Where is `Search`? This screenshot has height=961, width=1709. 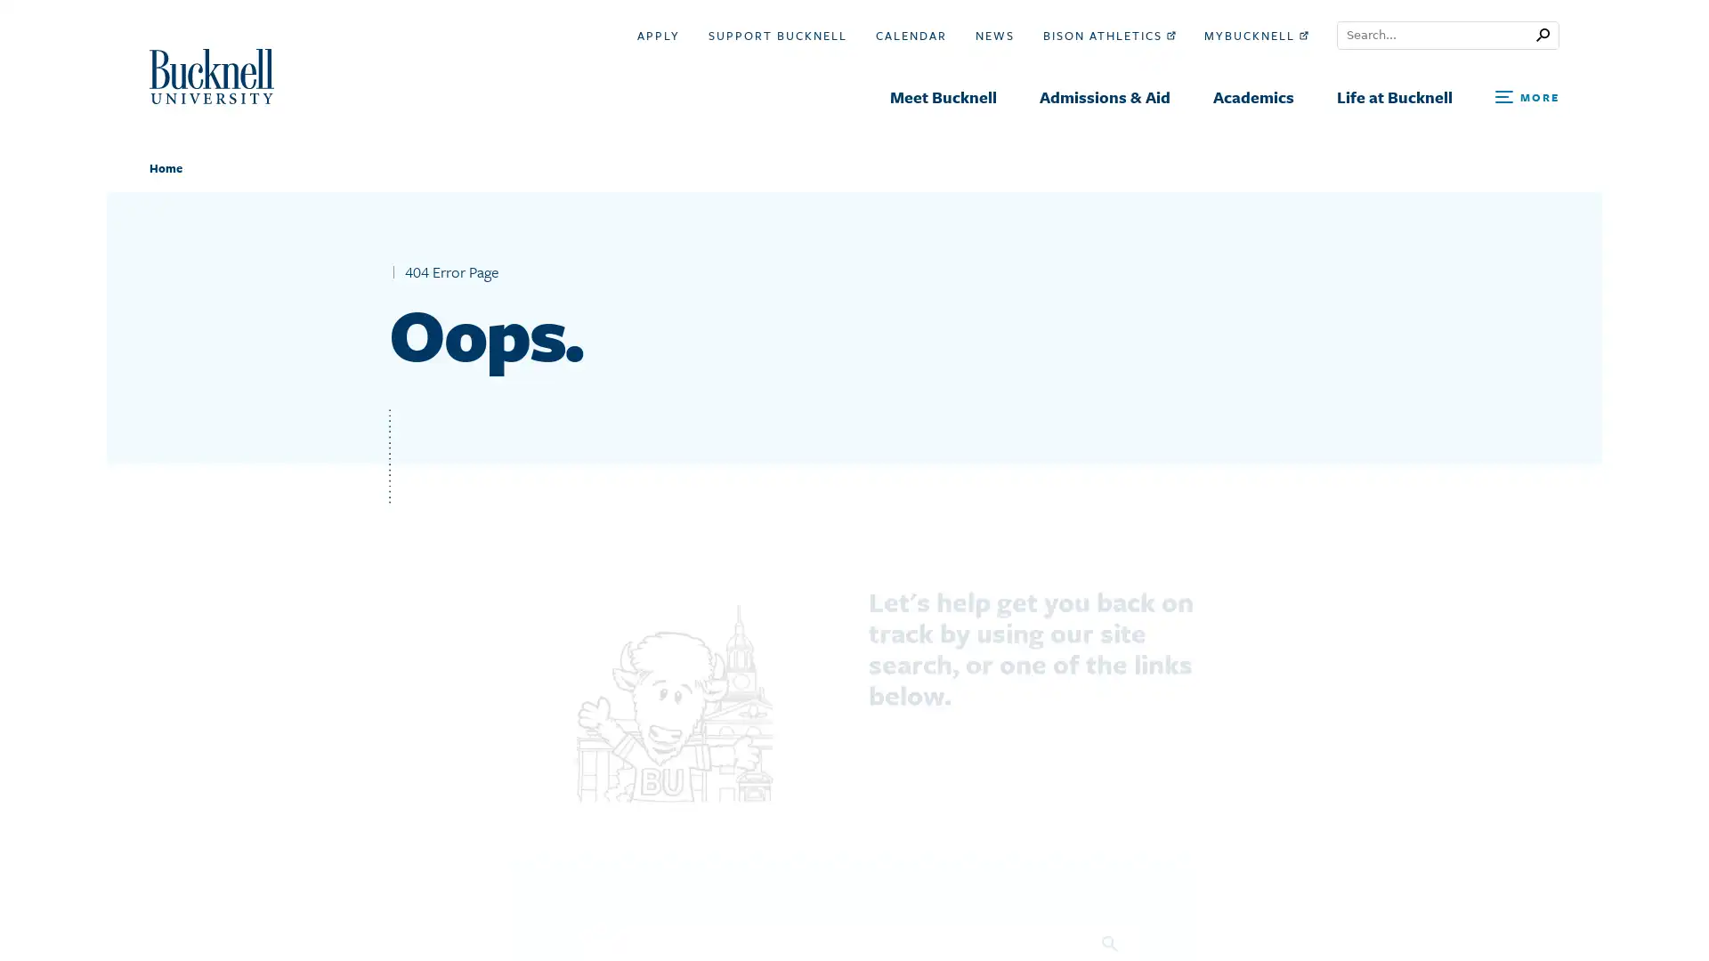
Search is located at coordinates (1109, 935).